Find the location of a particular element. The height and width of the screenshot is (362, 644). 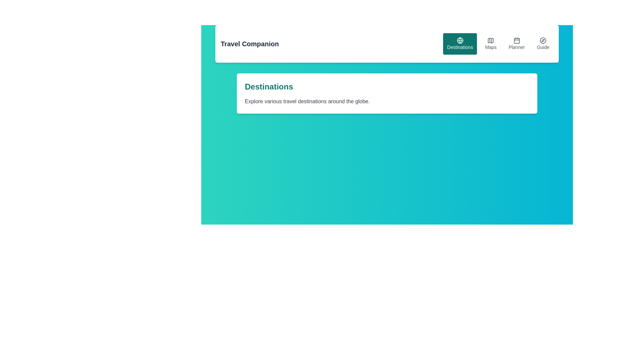

the globe icon button in the top navigation bar is located at coordinates (460, 40).